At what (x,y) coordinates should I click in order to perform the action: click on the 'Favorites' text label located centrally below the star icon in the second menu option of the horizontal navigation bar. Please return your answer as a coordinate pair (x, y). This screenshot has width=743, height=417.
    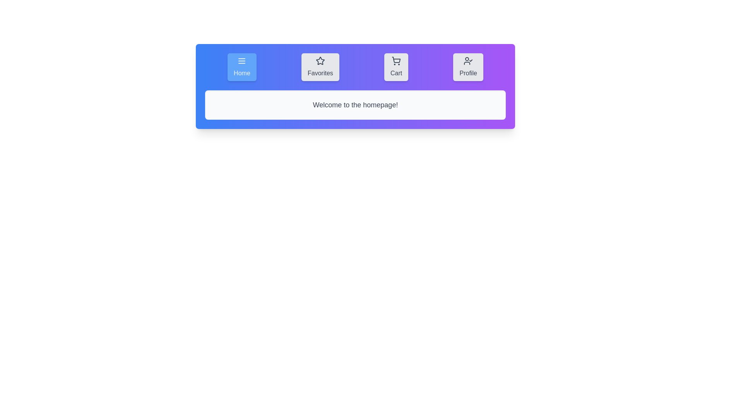
    Looking at the image, I should click on (320, 73).